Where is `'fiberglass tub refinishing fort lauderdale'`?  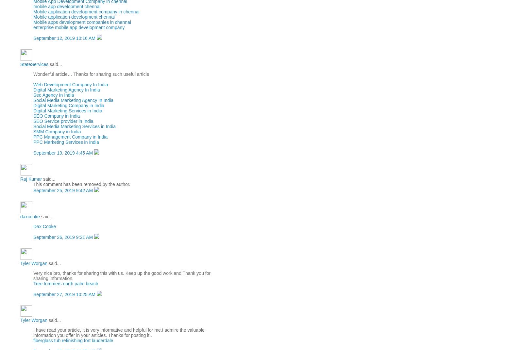
'fiberglass tub refinishing fort lauderdale' is located at coordinates (73, 340).